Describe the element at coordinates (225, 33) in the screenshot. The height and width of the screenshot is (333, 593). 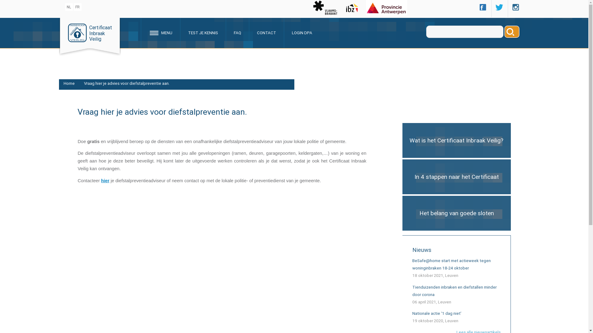
I see `'FAQ'` at that location.